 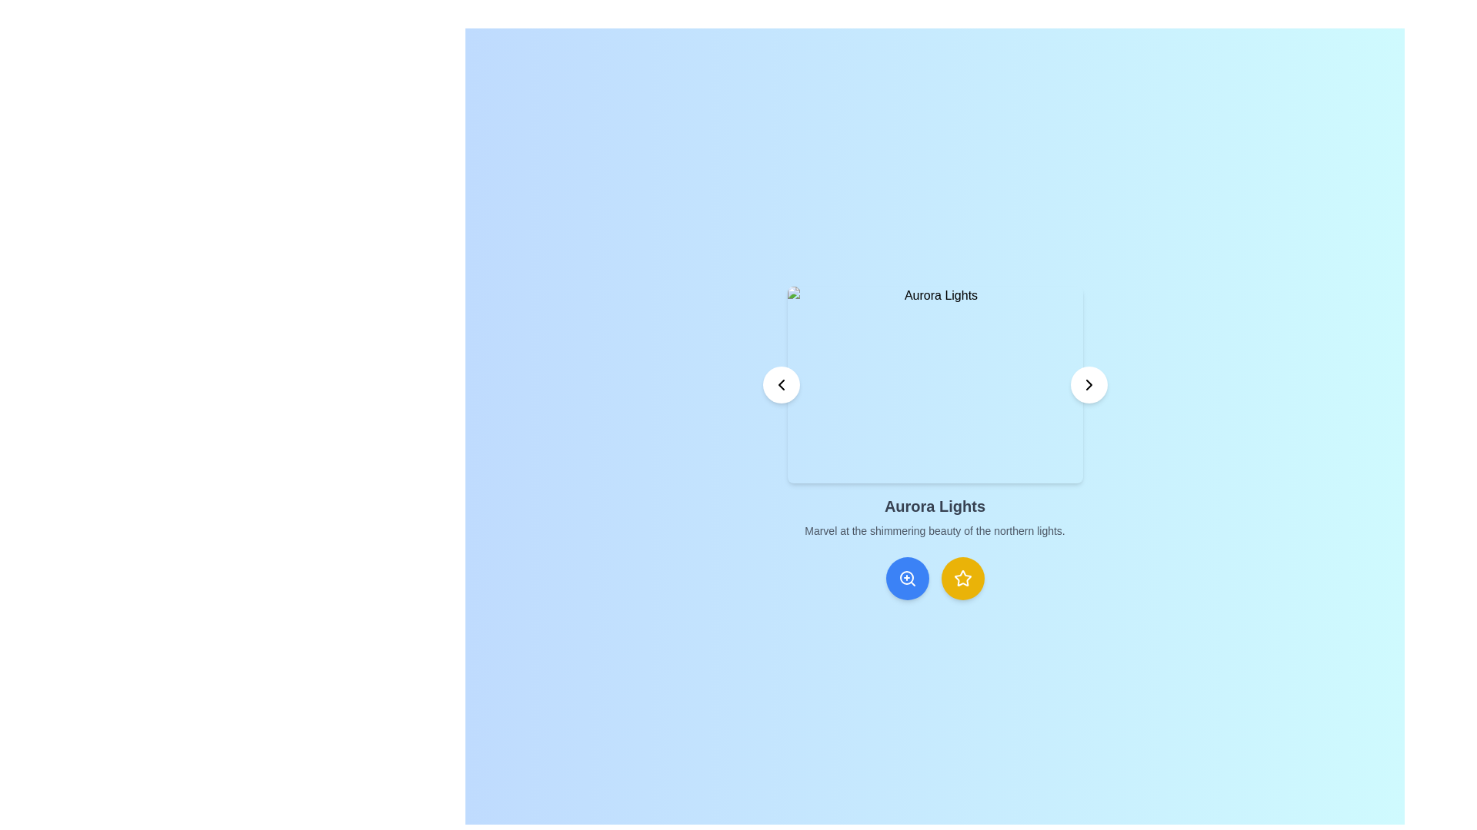 What do you see at coordinates (907, 578) in the screenshot?
I see `the 'zoom in' icon located within the circular button at the lower center of the interface, just below the text 'Aurora Lights'` at bounding box center [907, 578].